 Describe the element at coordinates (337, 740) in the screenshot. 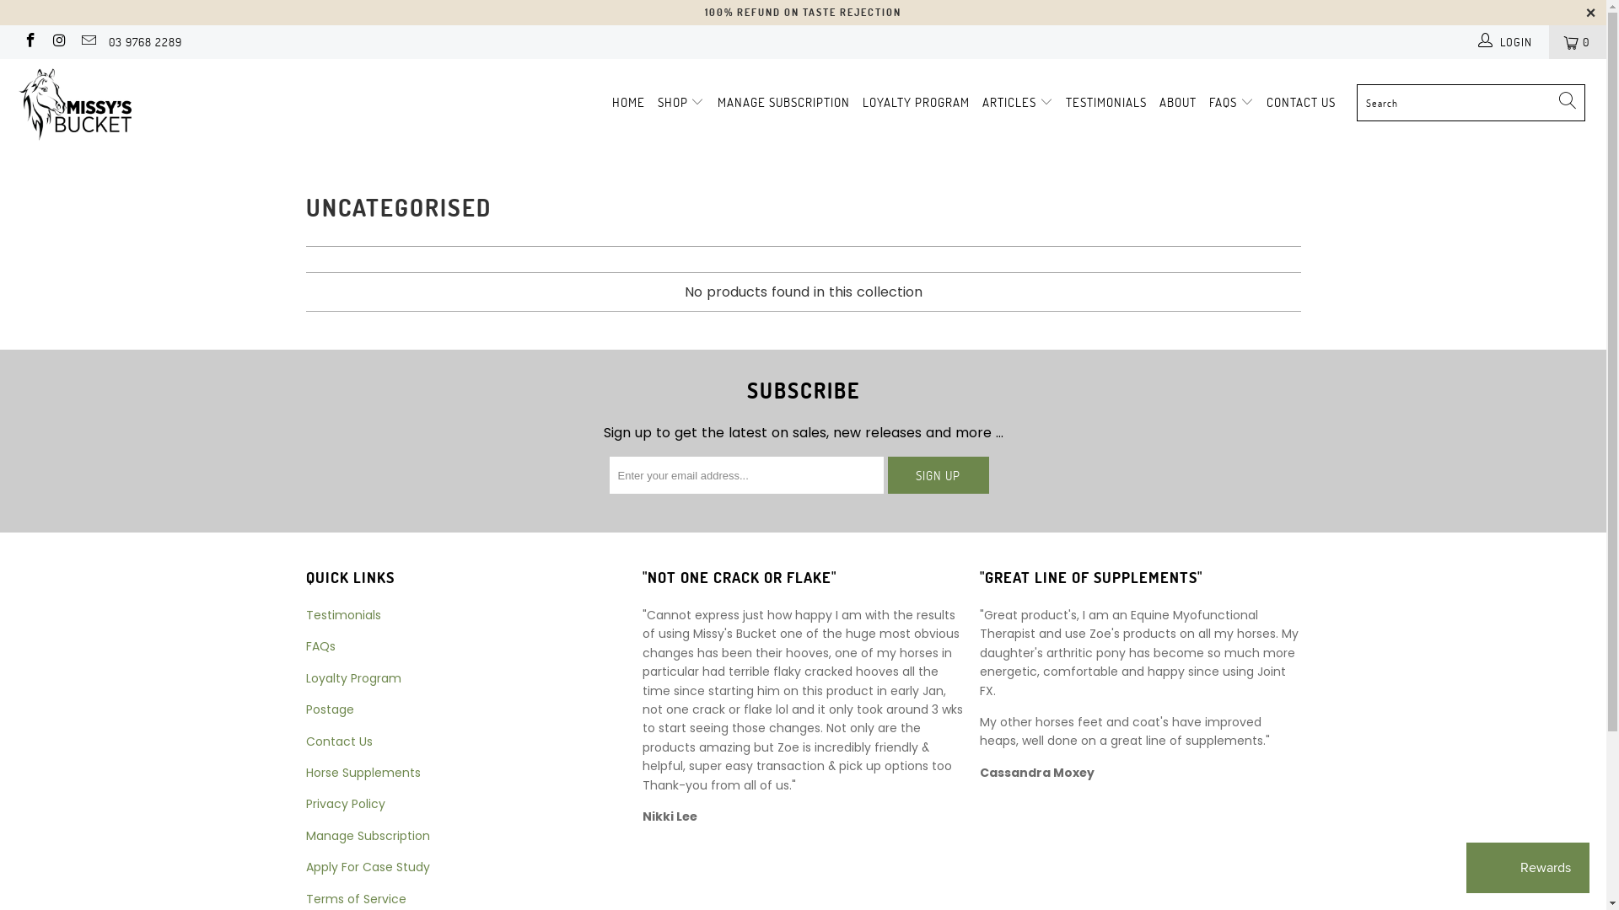

I see `'Contact Us'` at that location.